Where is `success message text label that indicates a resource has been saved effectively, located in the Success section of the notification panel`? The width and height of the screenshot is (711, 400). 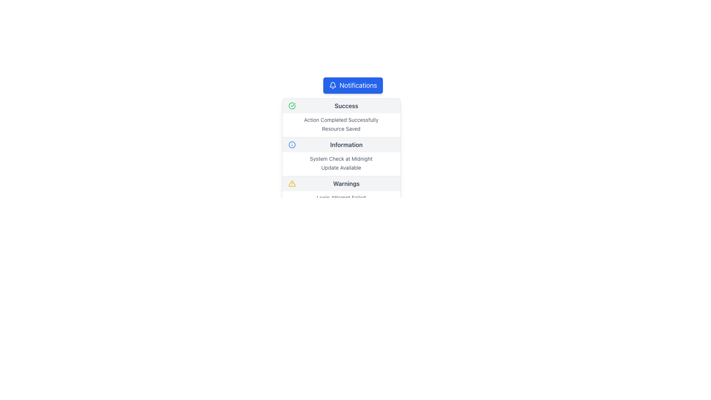
success message text label that indicates a resource has been saved effectively, located in the Success section of the notification panel is located at coordinates (341, 128).